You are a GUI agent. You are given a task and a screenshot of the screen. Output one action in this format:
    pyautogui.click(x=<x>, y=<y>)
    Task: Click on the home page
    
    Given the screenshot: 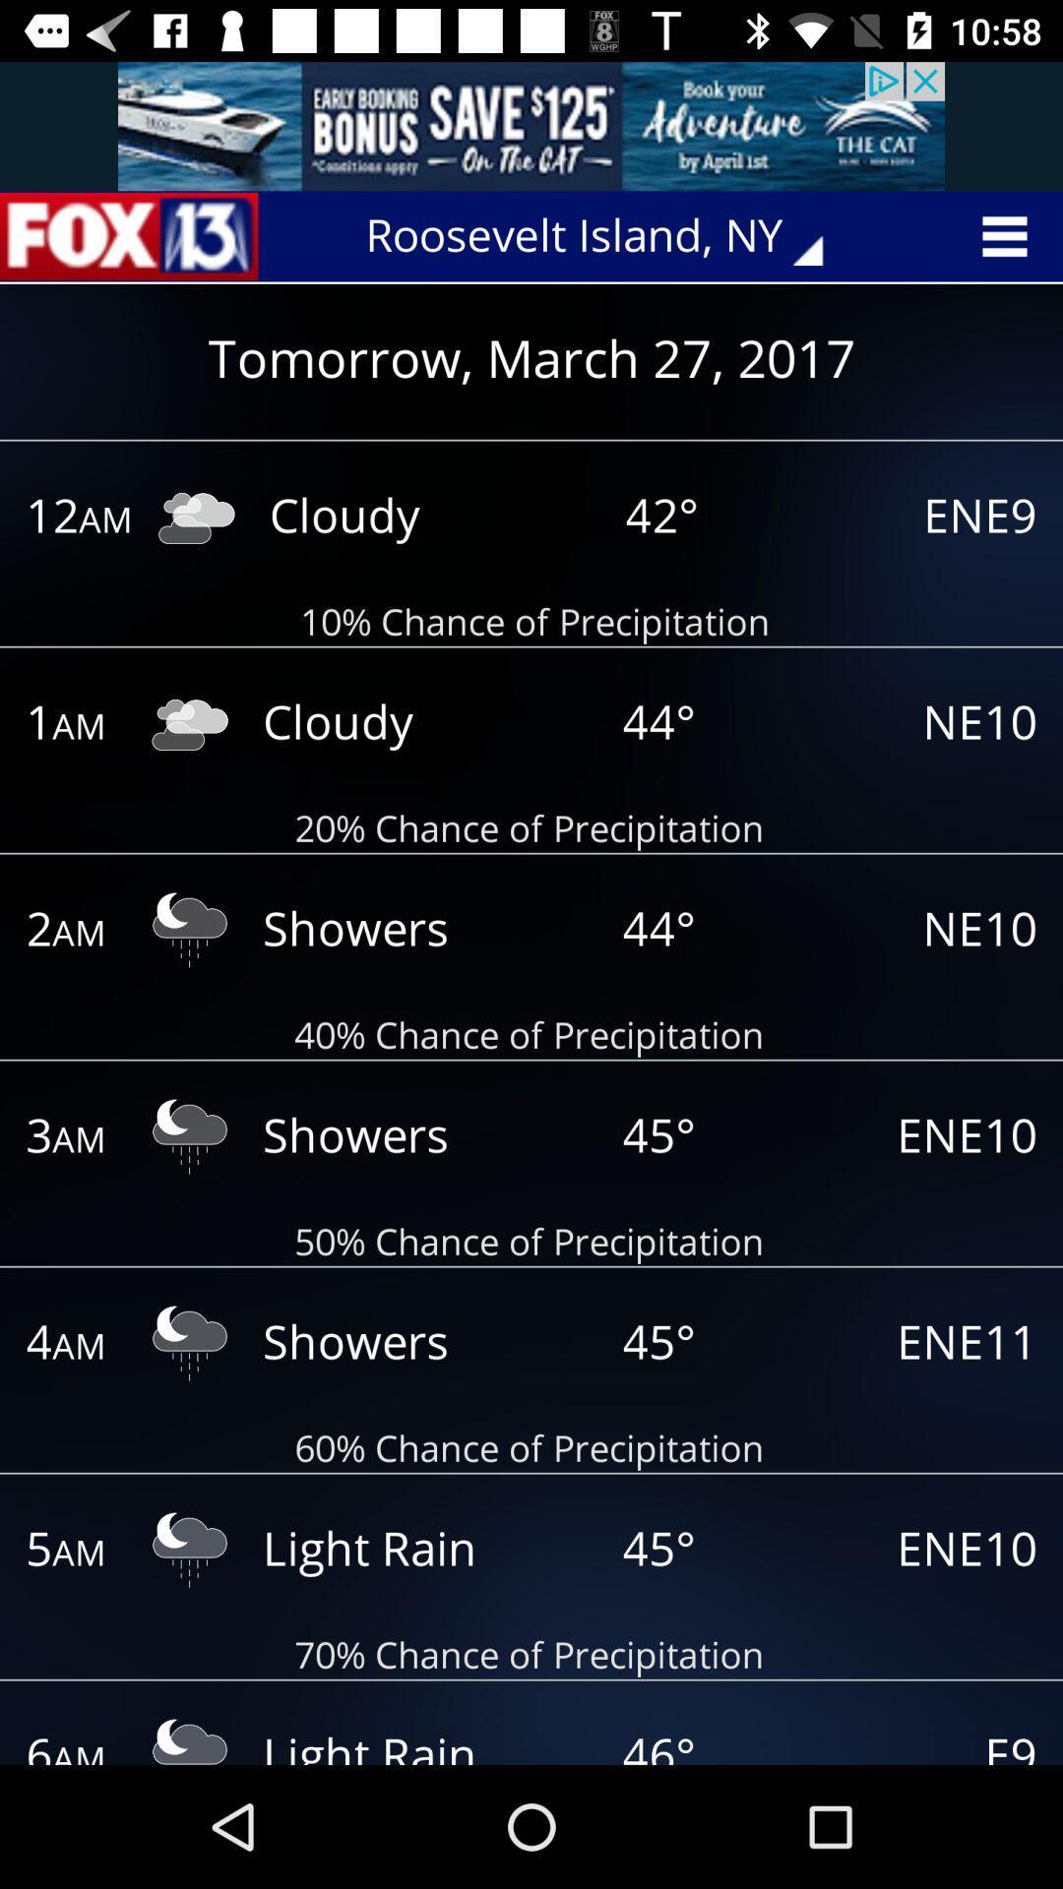 What is the action you would take?
    pyautogui.click(x=129, y=236)
    